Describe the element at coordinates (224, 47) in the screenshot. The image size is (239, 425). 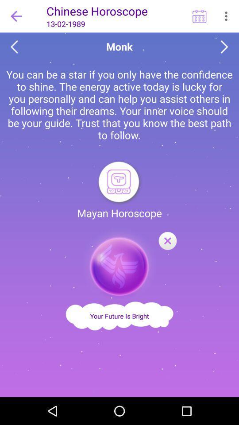
I see `the arrow_forward icon` at that location.